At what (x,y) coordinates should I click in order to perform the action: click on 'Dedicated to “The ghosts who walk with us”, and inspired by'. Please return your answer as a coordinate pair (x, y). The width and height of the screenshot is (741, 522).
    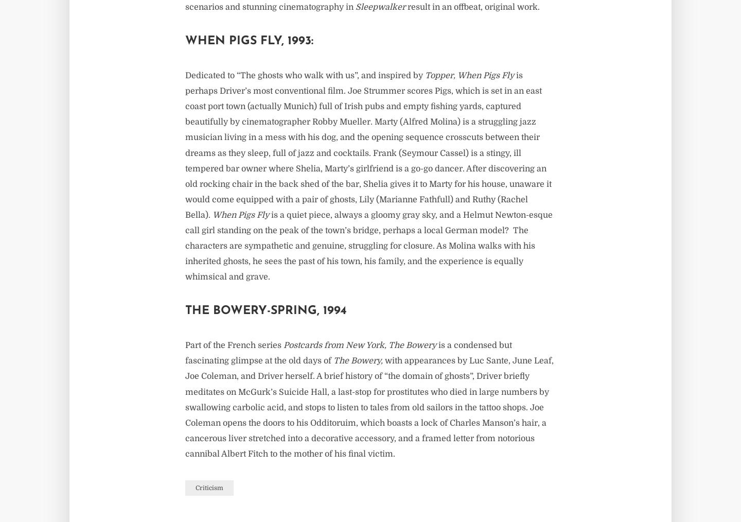
    Looking at the image, I should click on (305, 76).